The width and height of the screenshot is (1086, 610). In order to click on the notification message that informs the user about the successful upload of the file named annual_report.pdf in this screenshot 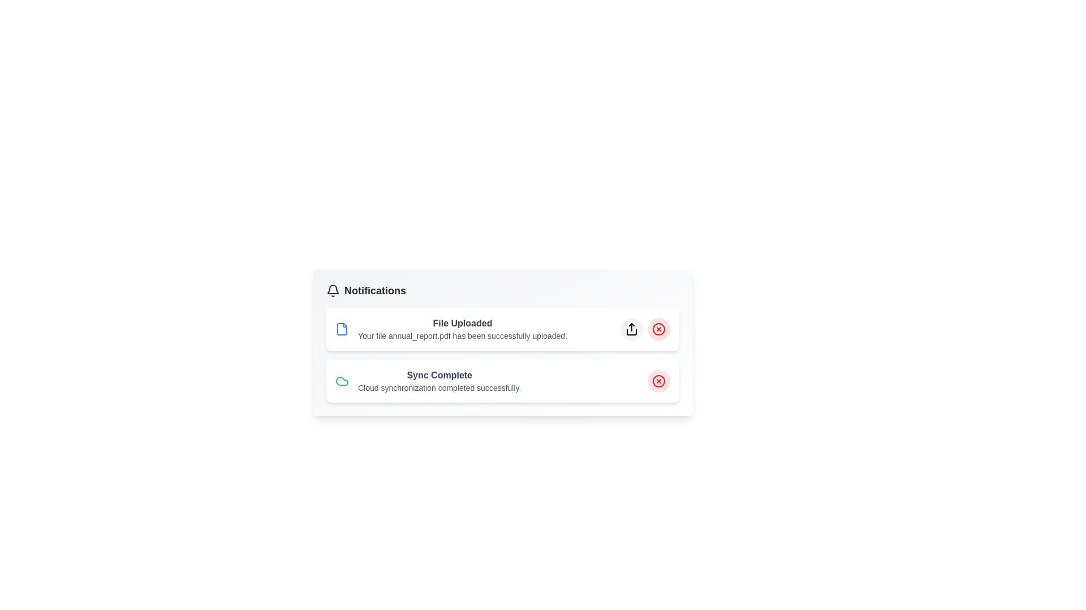, I will do `click(462, 329)`.